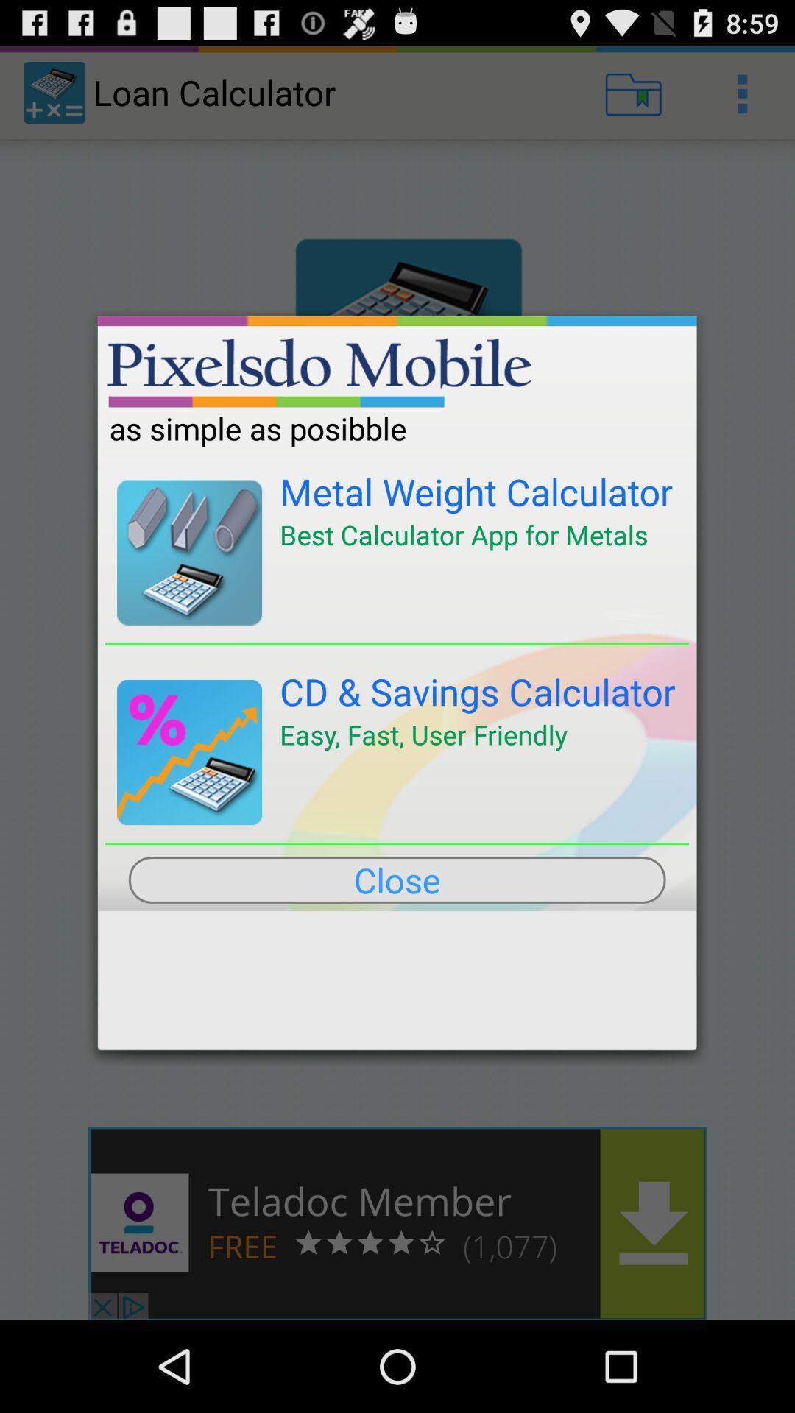  I want to click on the item above easy fast user item, so click(478, 690).